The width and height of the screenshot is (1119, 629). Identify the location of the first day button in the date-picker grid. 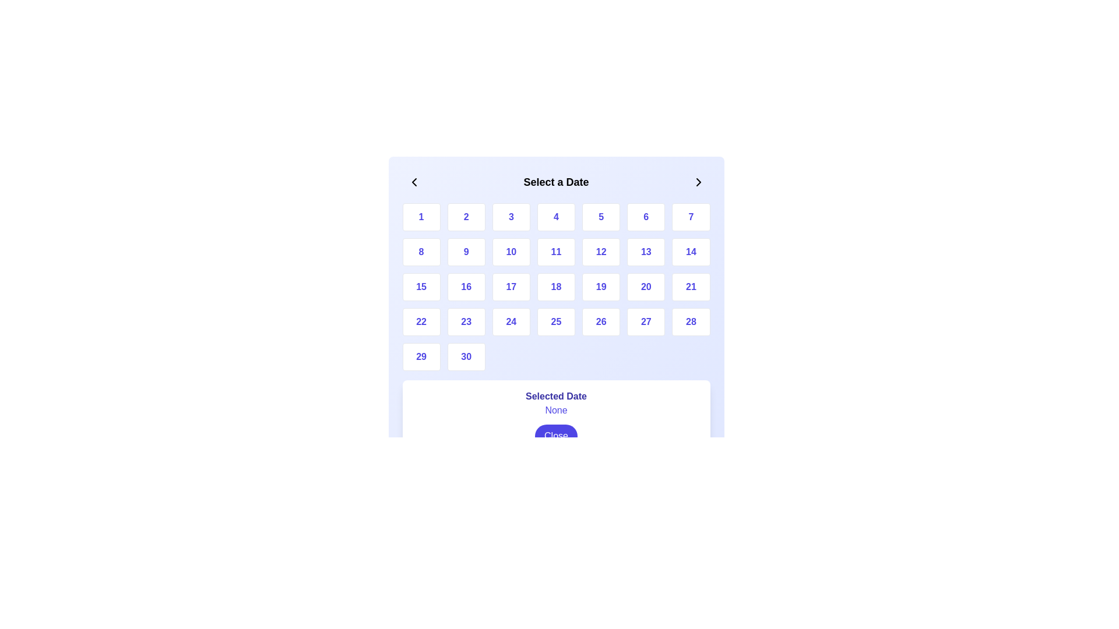
(421, 217).